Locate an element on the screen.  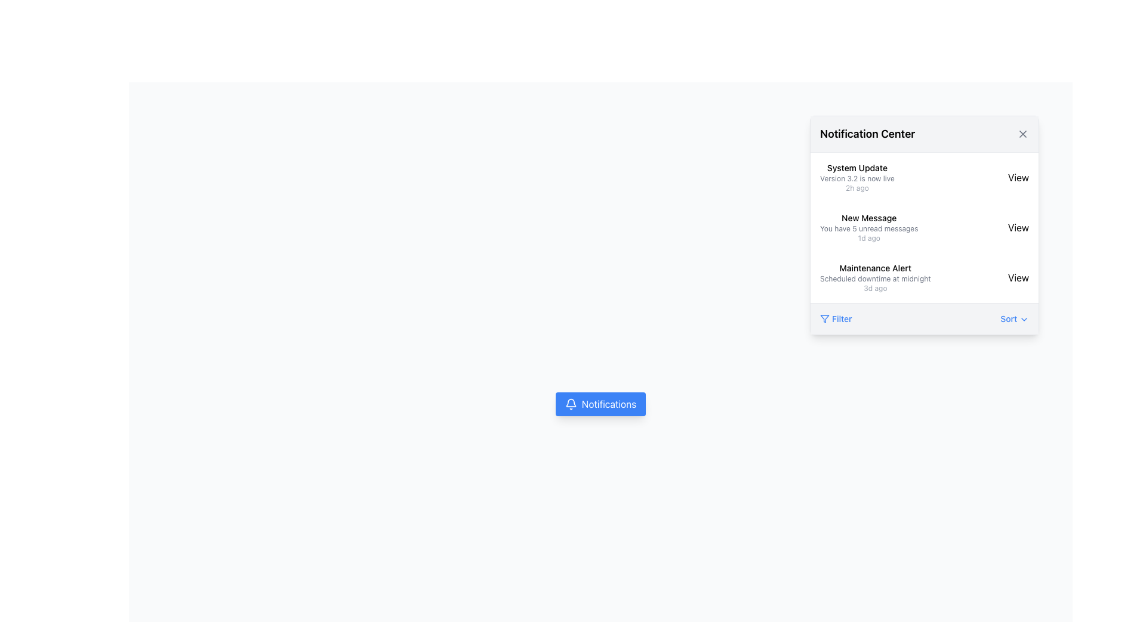
the interactive text link displaying 'View' is located at coordinates (1018, 227).